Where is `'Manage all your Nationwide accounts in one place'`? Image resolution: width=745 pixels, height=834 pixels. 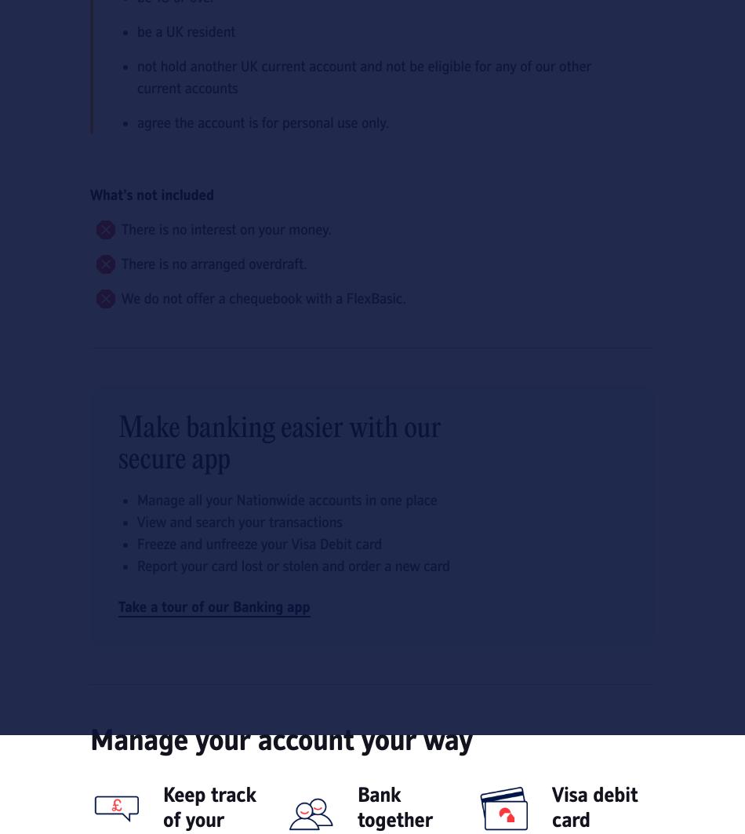 'Manage all your Nationwide accounts in one place' is located at coordinates (286, 500).